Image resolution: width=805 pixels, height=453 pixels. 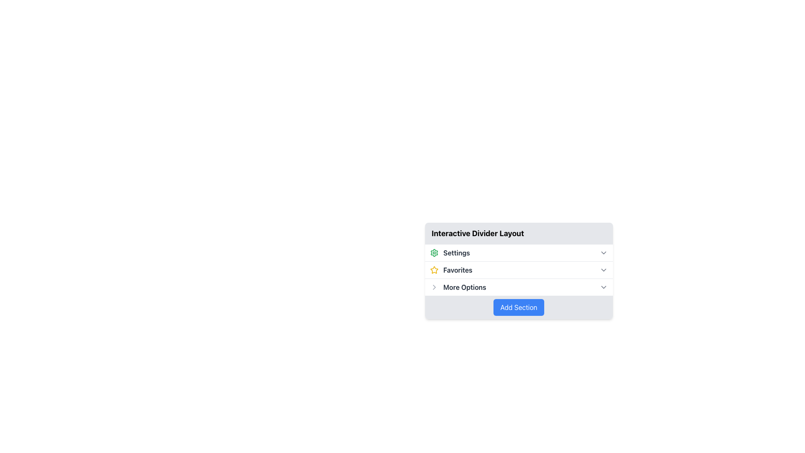 What do you see at coordinates (603, 270) in the screenshot?
I see `the chevron-down icon located at the far right of the 'Favorites' section` at bounding box center [603, 270].